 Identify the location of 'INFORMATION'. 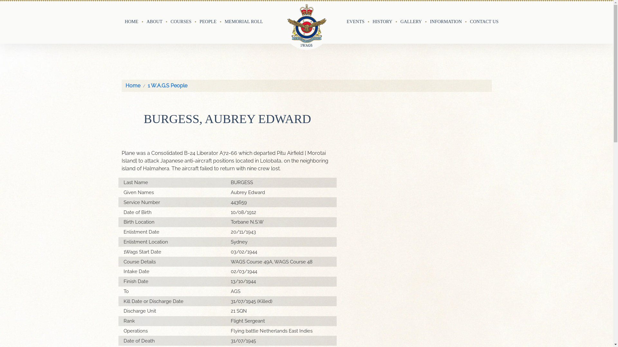
(445, 21).